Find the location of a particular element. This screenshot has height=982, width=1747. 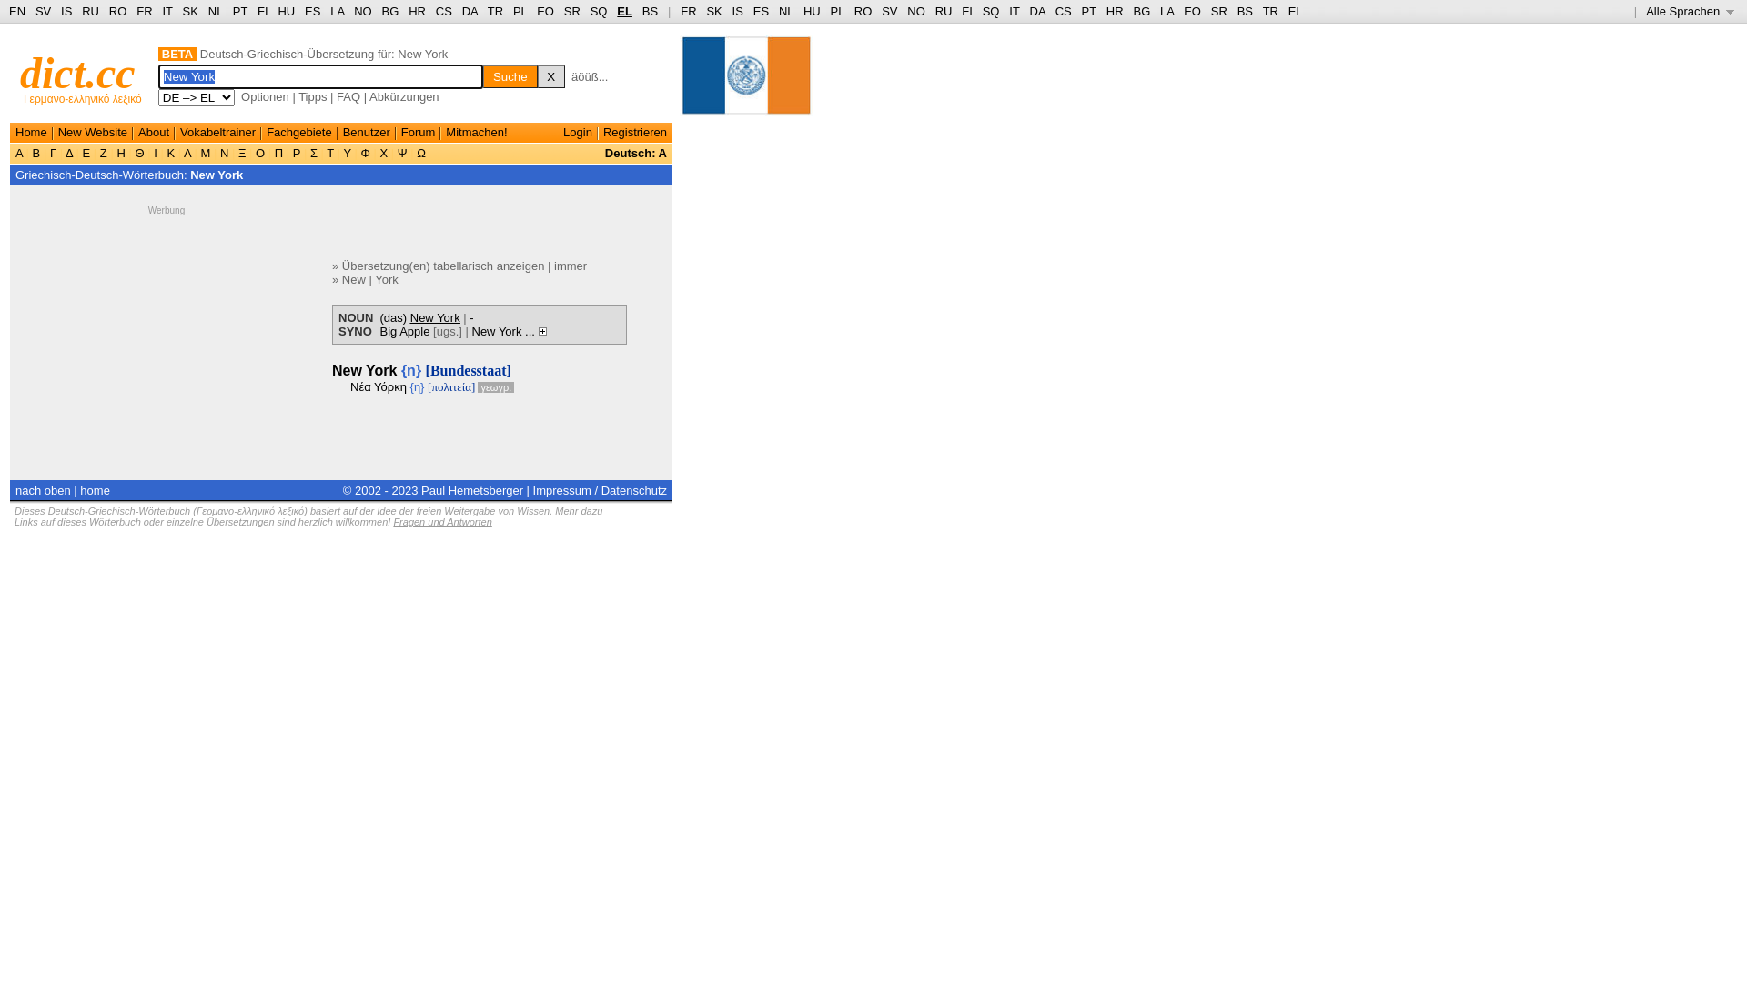

'Tipps' is located at coordinates (312, 96).